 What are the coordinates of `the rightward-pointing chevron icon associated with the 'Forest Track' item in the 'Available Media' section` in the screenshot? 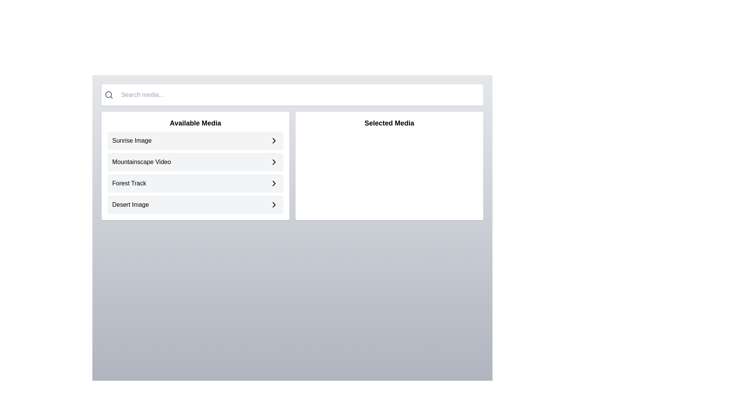 It's located at (274, 183).